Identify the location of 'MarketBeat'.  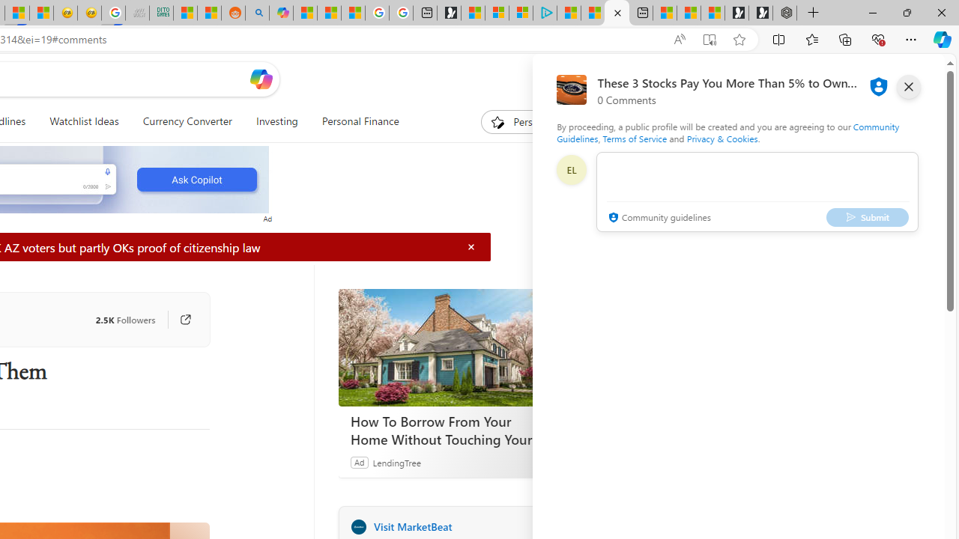
(357, 526).